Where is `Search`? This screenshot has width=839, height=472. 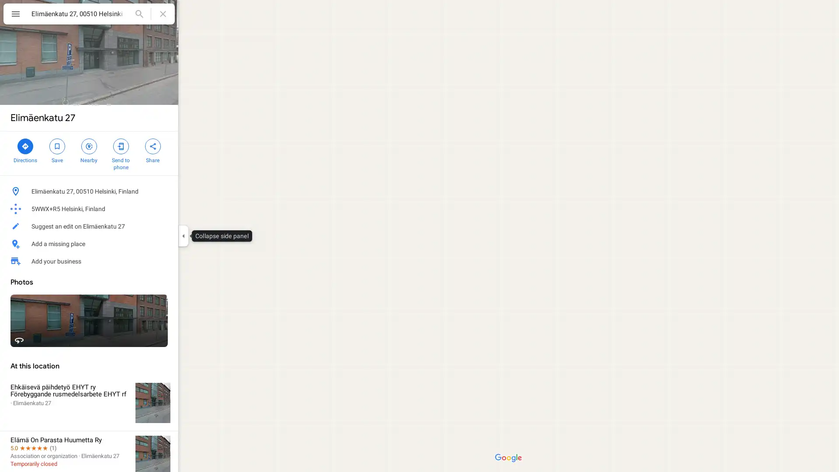
Search is located at coordinates (139, 14).